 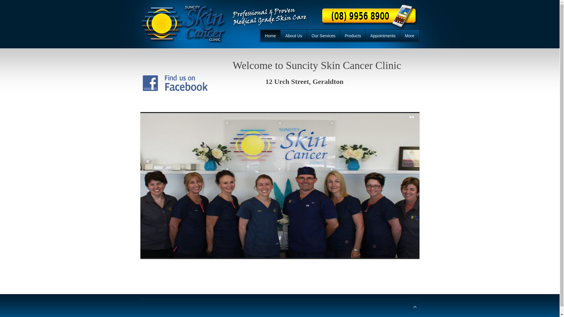 I want to click on '2', so click(x=412, y=117).